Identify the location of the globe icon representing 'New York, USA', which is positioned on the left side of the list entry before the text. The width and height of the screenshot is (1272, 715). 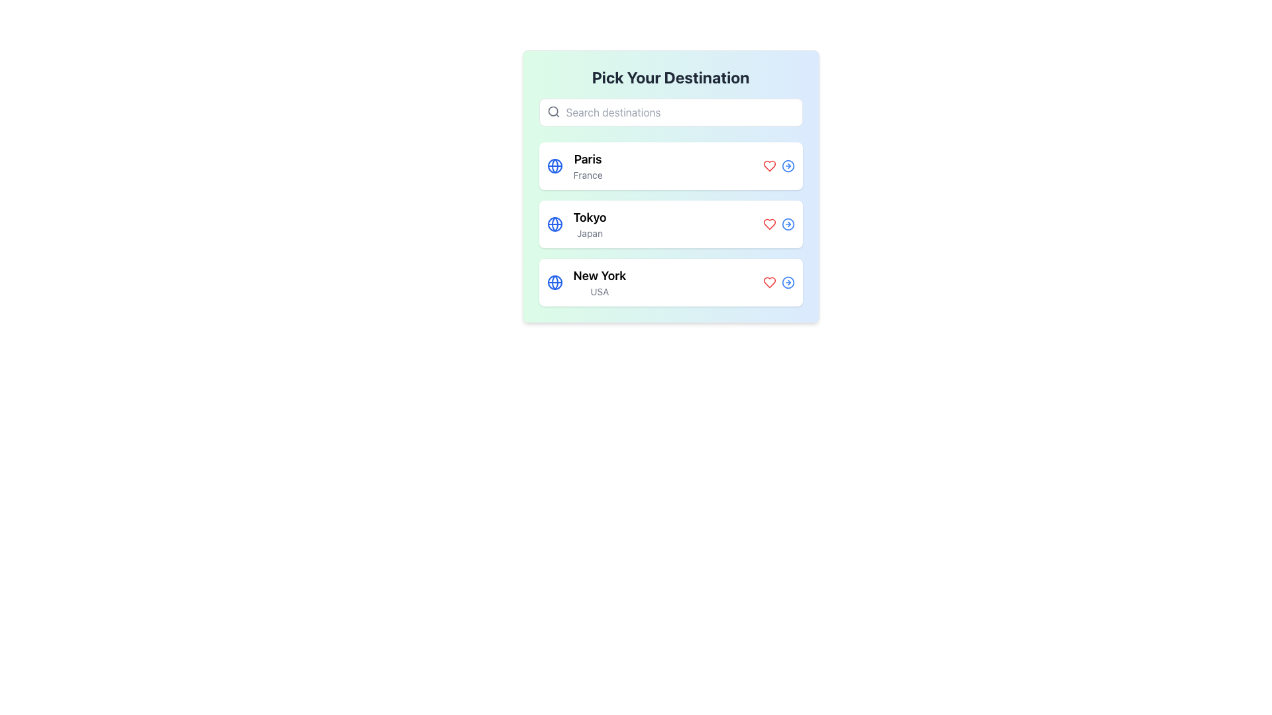
(555, 282).